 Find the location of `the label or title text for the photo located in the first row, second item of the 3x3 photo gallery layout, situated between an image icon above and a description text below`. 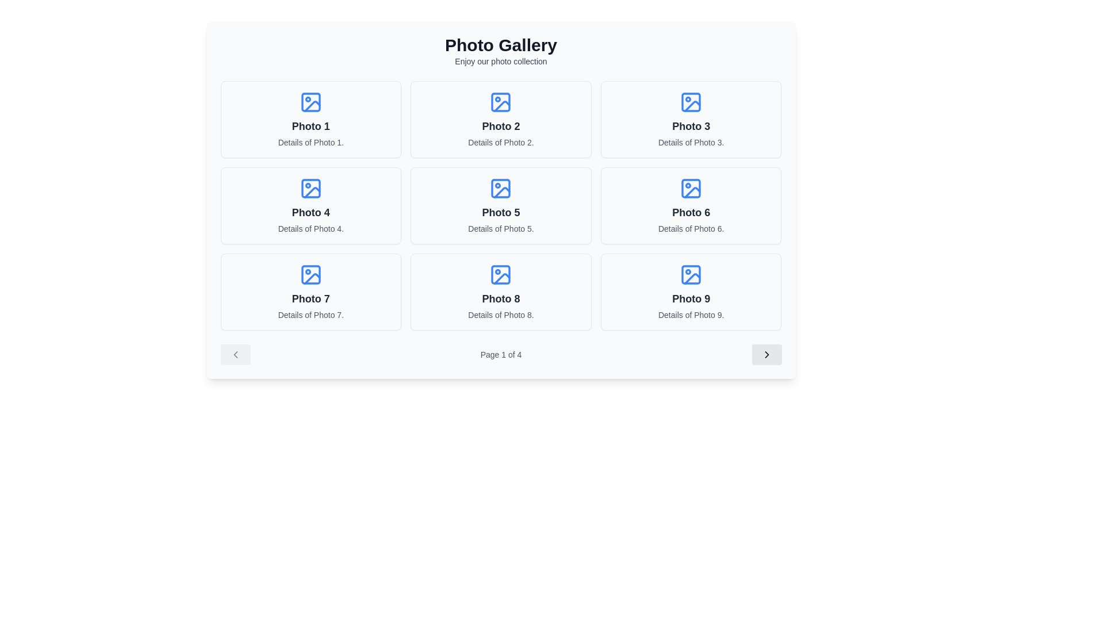

the label or title text for the photo located in the first row, second item of the 3x3 photo gallery layout, situated between an image icon above and a description text below is located at coordinates (501, 126).